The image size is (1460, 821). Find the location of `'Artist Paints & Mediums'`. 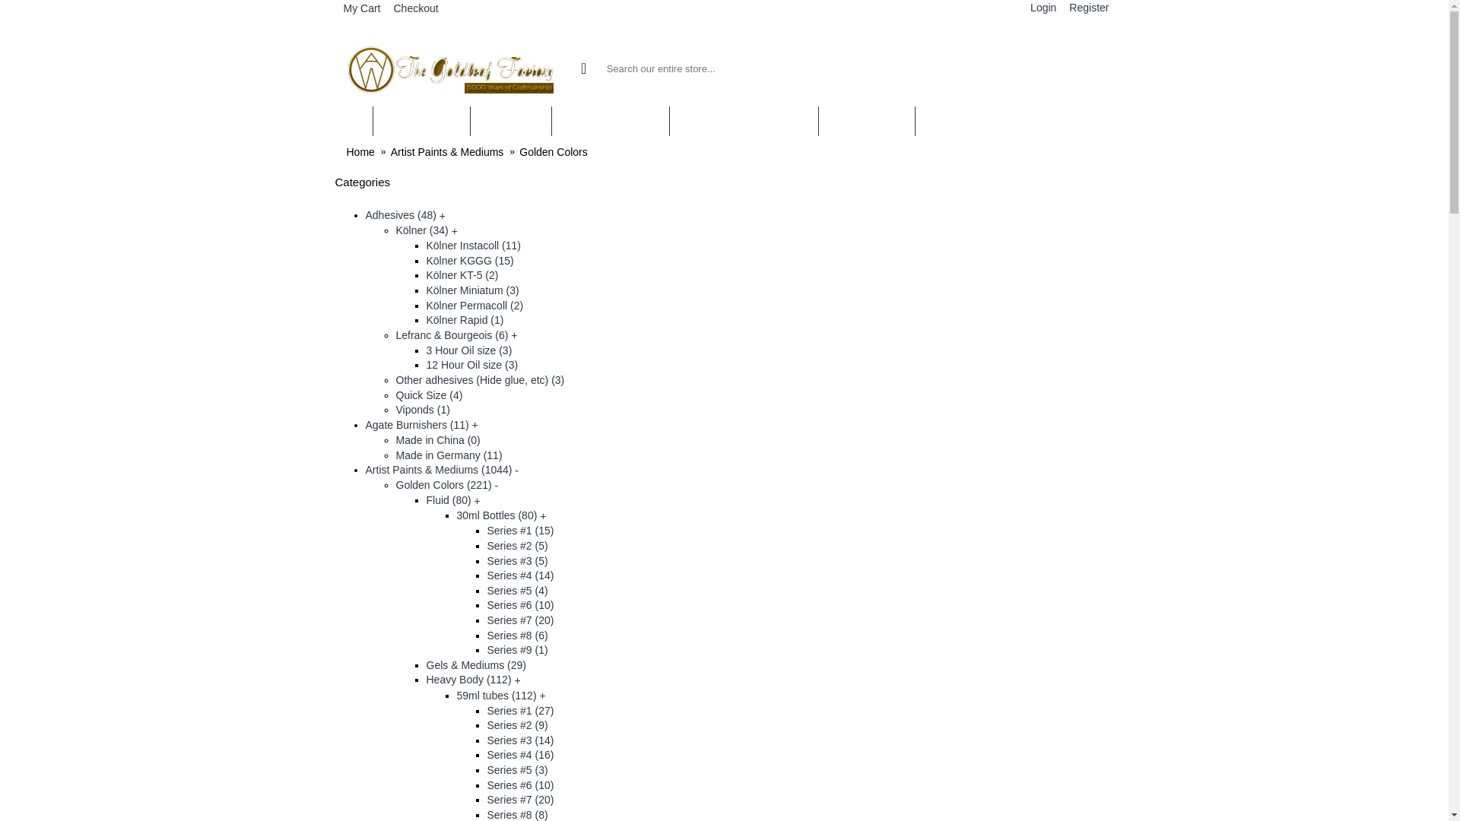

'Artist Paints & Mediums' is located at coordinates (390, 152).